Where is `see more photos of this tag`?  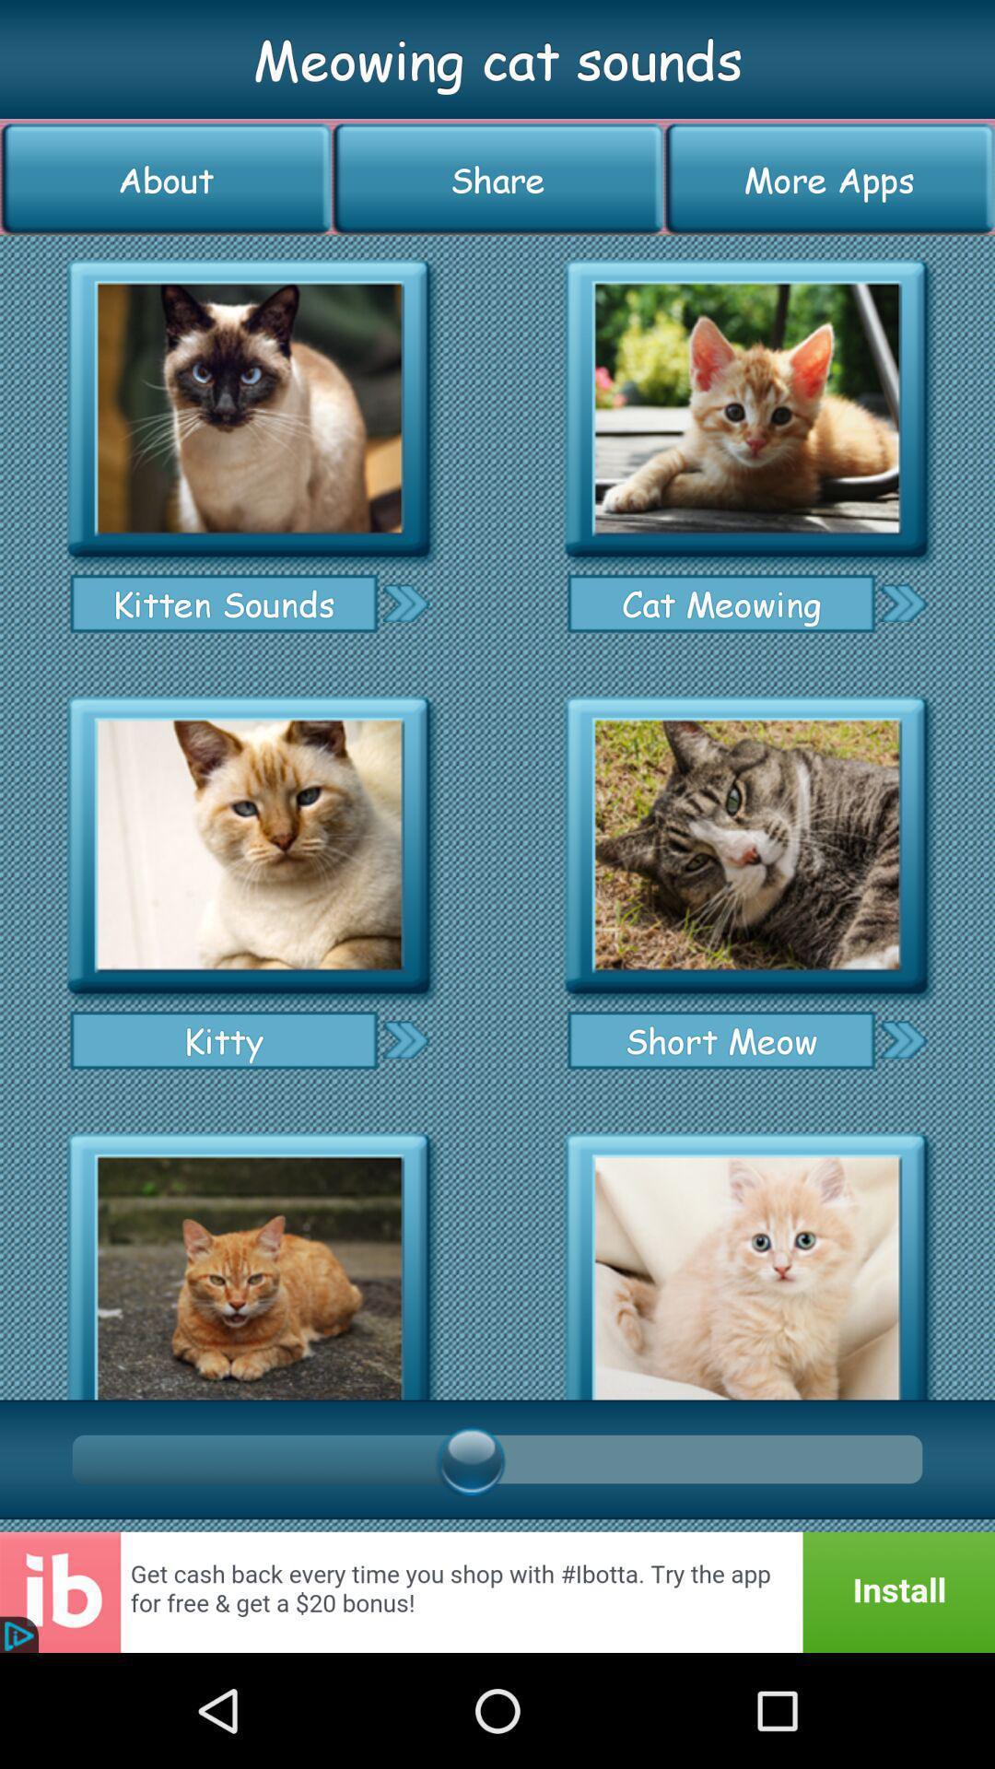
see more photos of this tag is located at coordinates (404, 1039).